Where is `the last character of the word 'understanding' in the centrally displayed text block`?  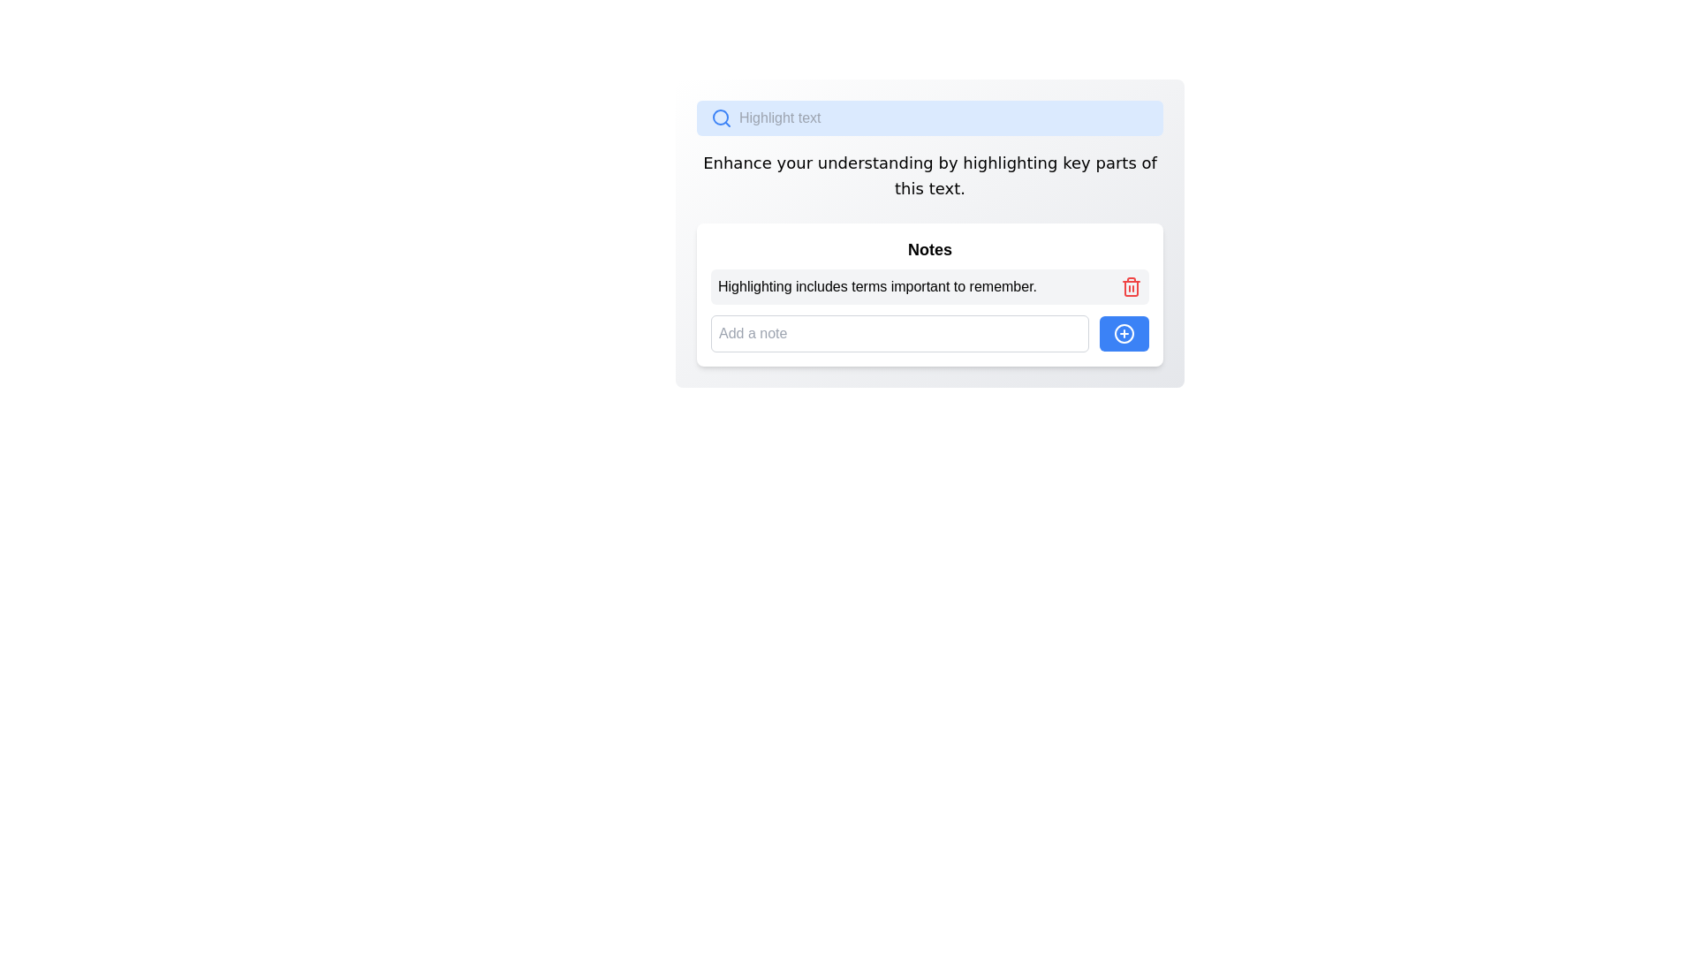
the last character of the word 'understanding' in the centrally displayed text block is located at coordinates (860, 163).